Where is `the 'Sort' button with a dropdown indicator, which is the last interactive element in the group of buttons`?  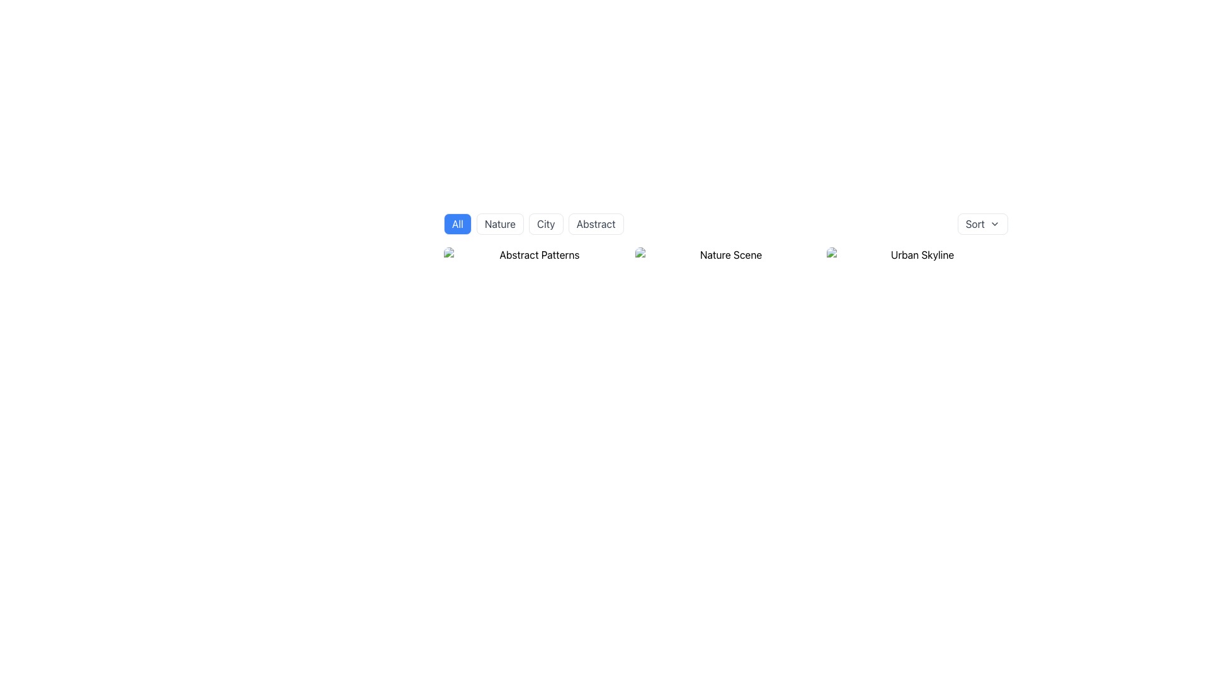 the 'Sort' button with a dropdown indicator, which is the last interactive element in the group of buttons is located at coordinates (982, 223).